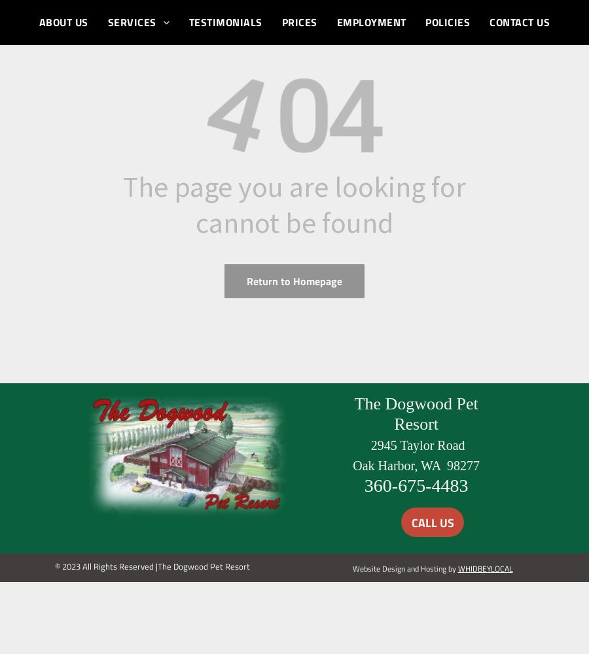  I want to click on 'ABOUT US', so click(62, 22).